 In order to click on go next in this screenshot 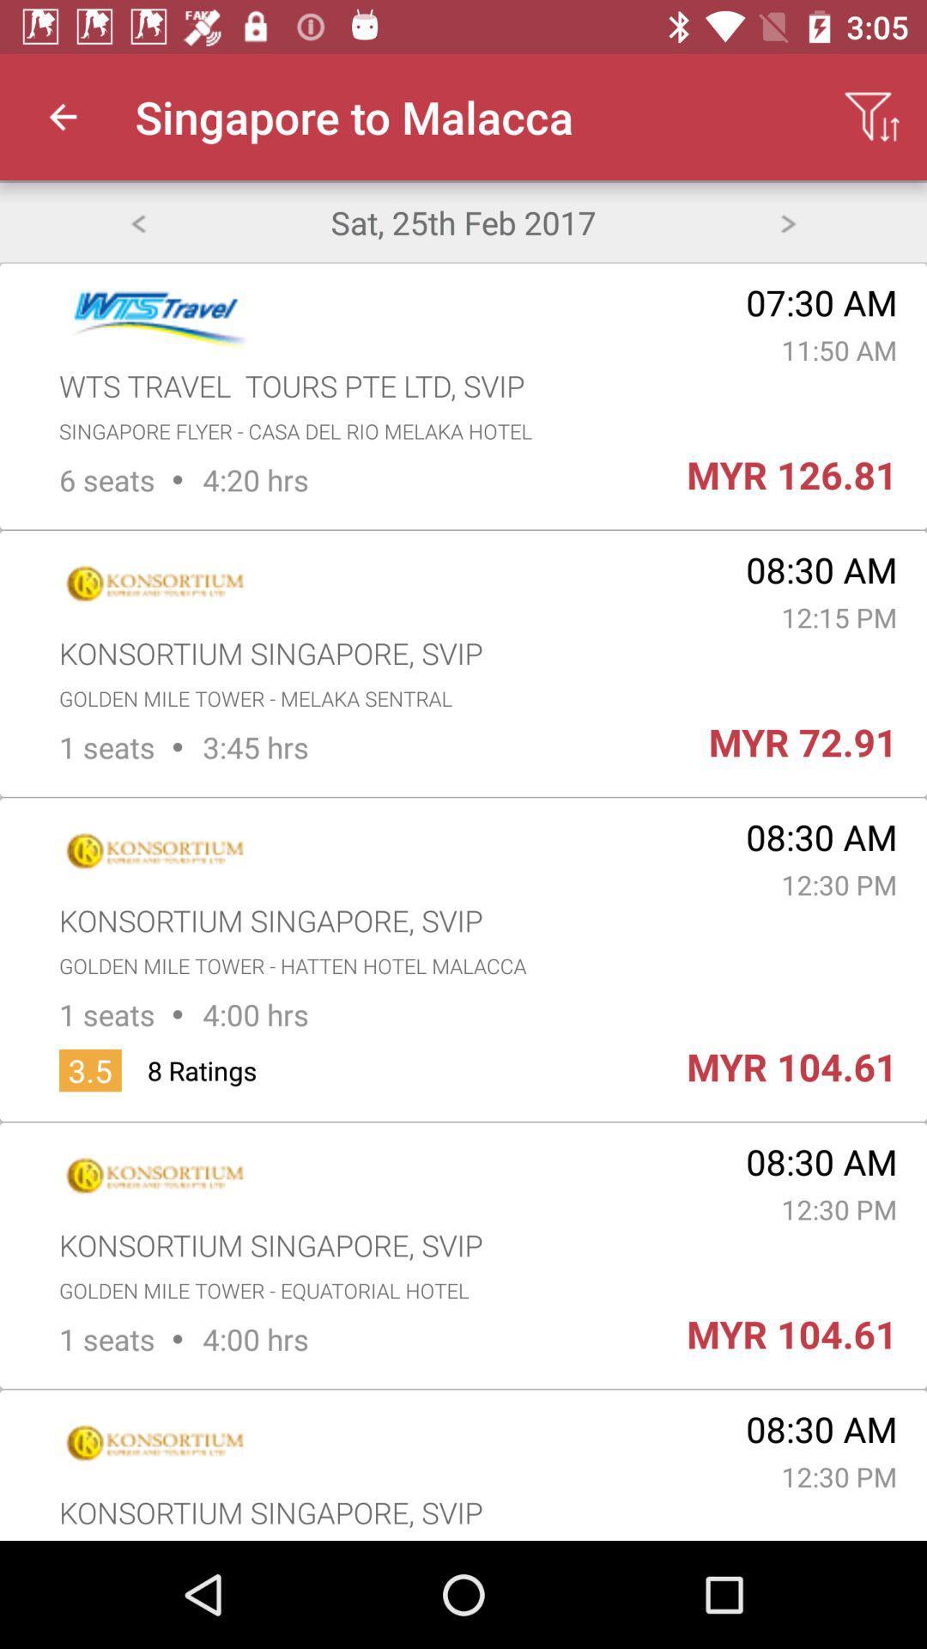, I will do `click(788, 221)`.